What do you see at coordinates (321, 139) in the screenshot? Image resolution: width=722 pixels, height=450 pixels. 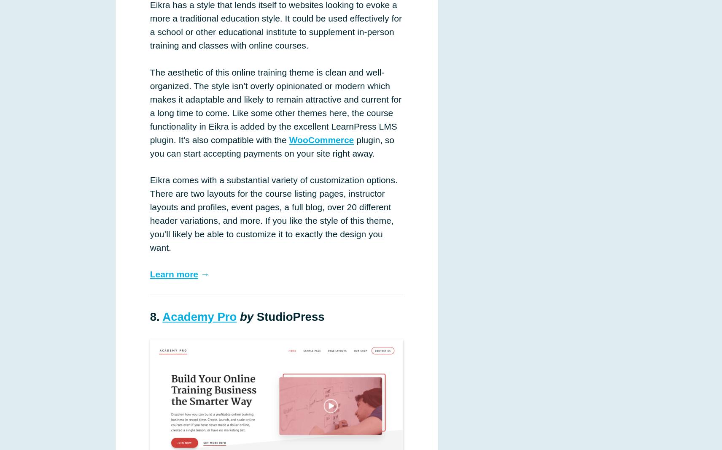 I see `'WooCommerce'` at bounding box center [321, 139].